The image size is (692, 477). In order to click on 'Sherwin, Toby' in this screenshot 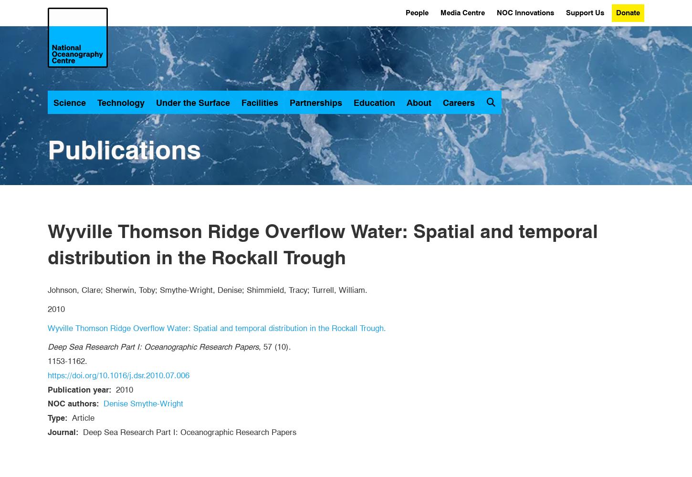, I will do `click(130, 290)`.